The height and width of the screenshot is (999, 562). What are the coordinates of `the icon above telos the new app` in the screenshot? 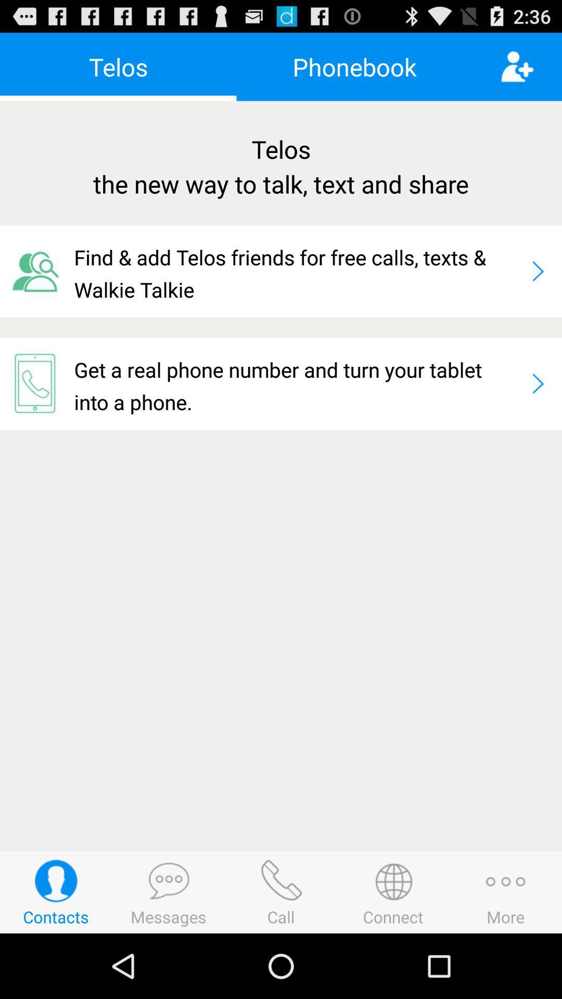 It's located at (354, 66).